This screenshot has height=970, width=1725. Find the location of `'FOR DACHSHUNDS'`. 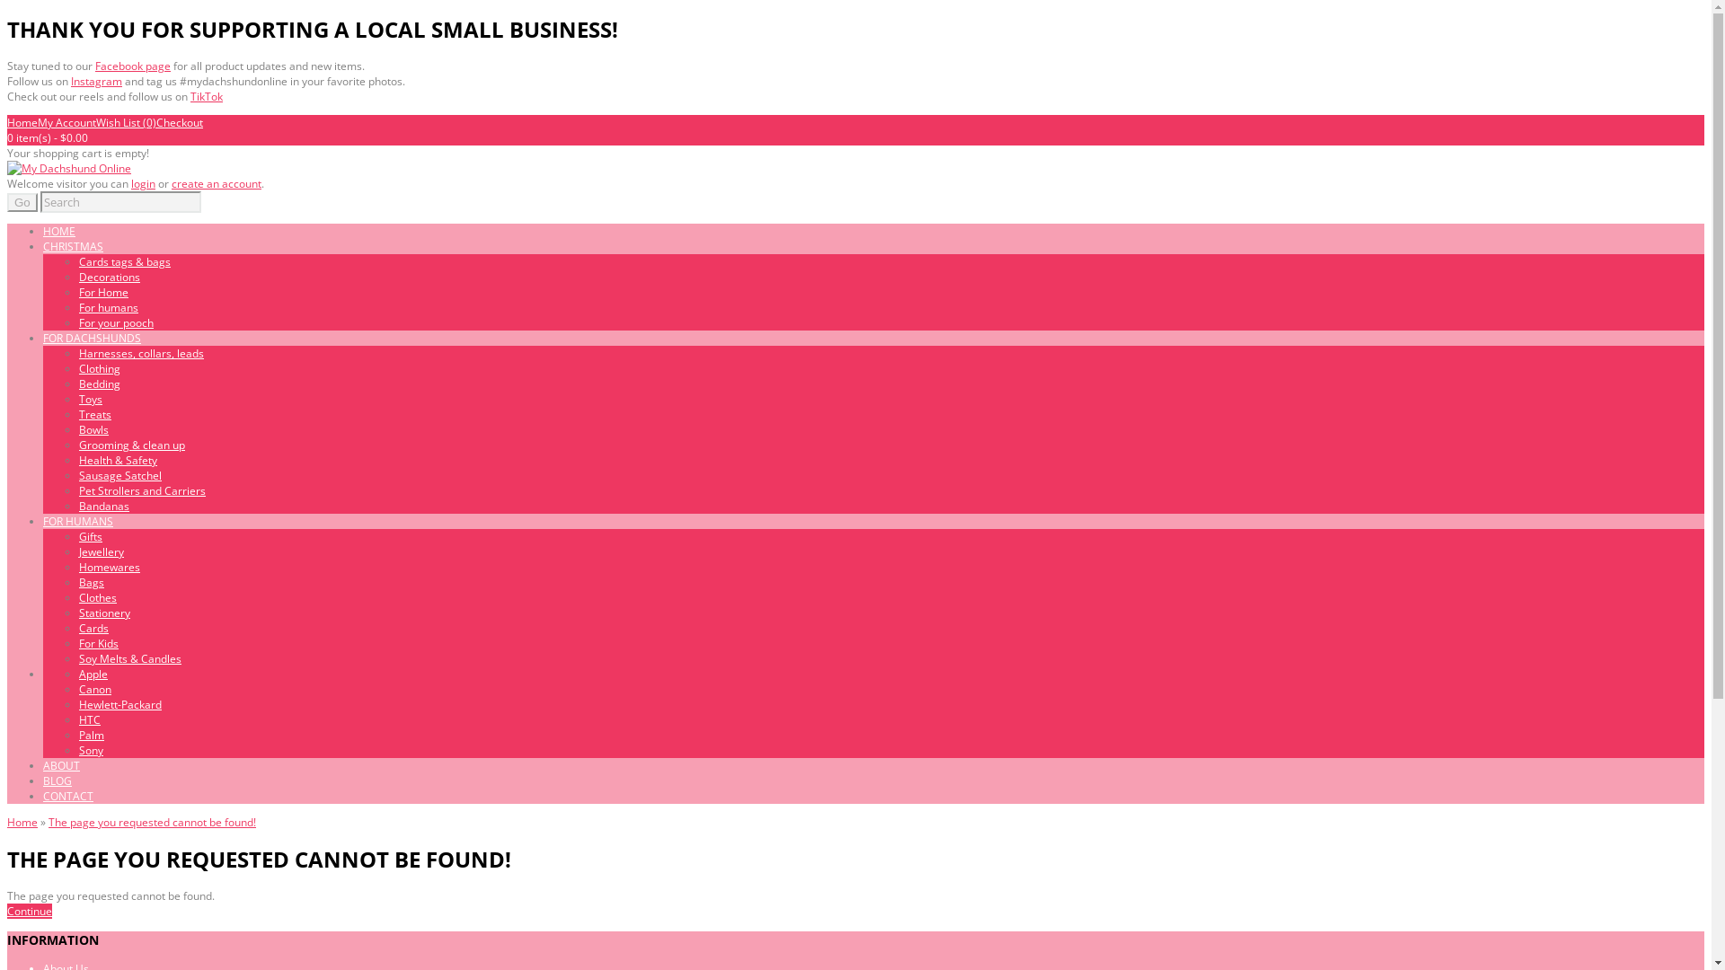

'FOR DACHSHUNDS' is located at coordinates (91, 338).